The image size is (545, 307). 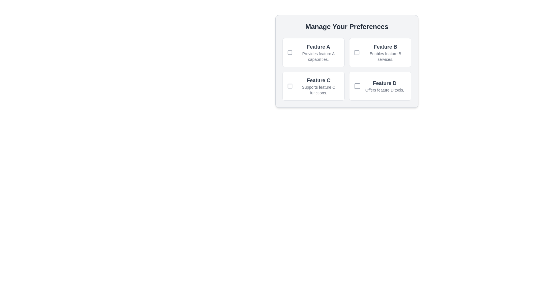 What do you see at coordinates (385, 47) in the screenshot?
I see `the text label displaying 'Feature B' in bold, large font and dark gray color, which is positioned above the description text 'Enables feature B services.'` at bounding box center [385, 47].